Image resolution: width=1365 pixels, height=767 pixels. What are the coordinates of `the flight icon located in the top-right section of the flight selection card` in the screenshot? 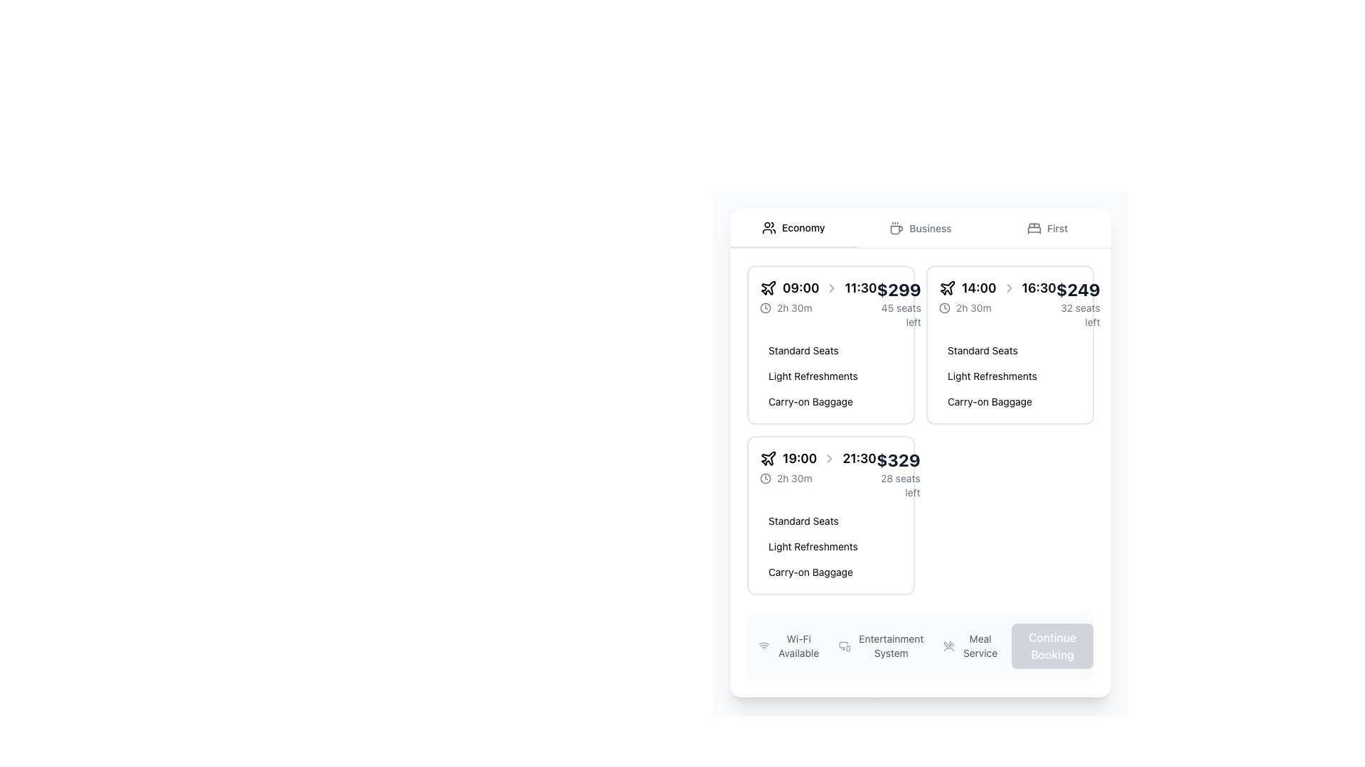 It's located at (768, 288).